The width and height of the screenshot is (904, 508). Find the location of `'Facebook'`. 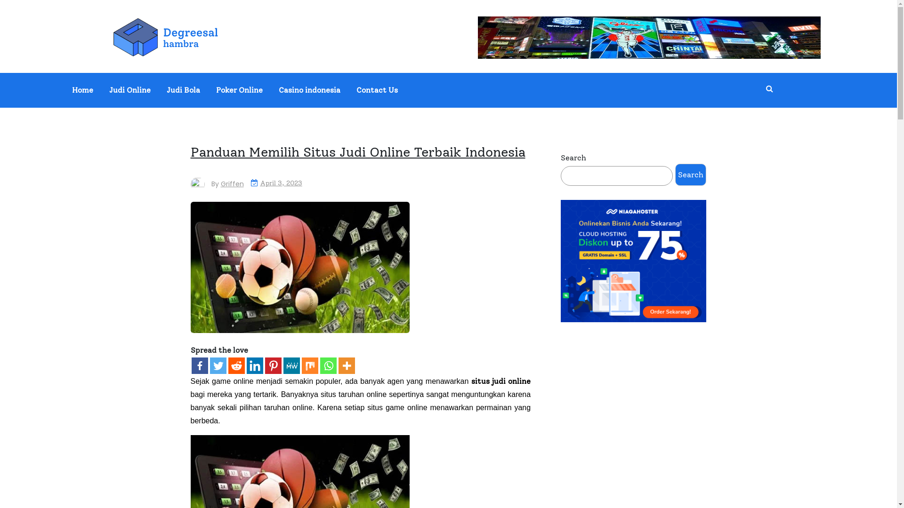

'Facebook' is located at coordinates (191, 365).